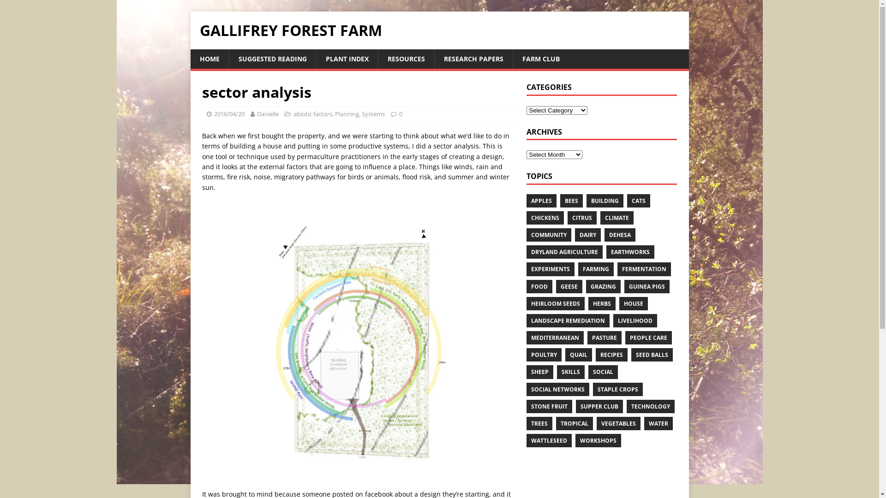  What do you see at coordinates (545, 218) in the screenshot?
I see `'CHICKENS'` at bounding box center [545, 218].